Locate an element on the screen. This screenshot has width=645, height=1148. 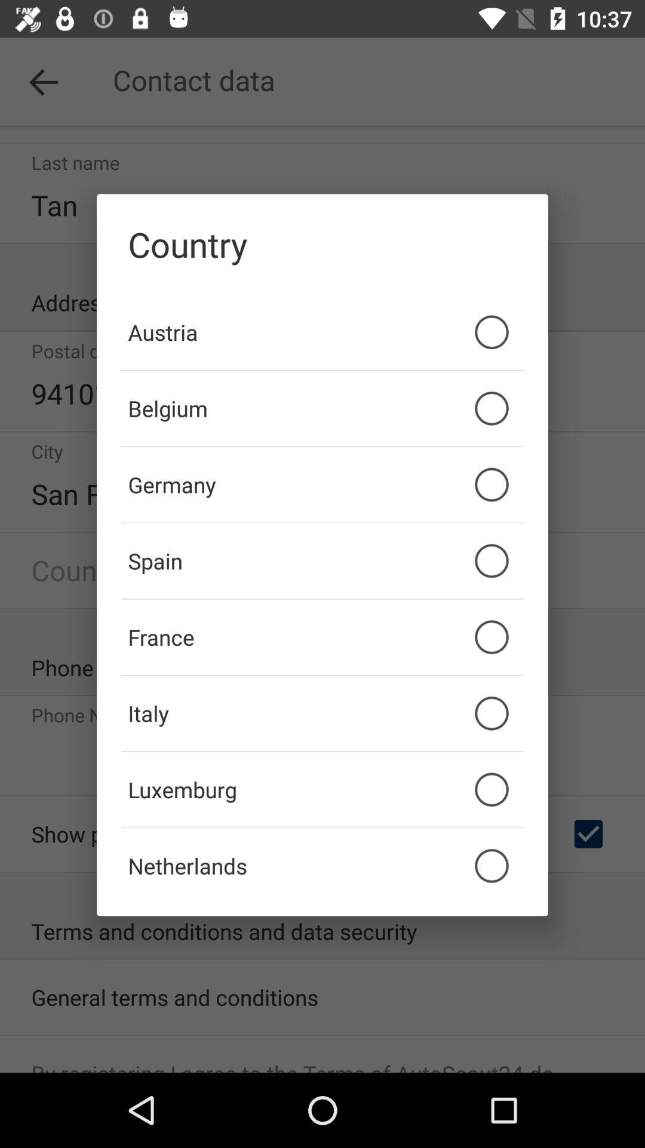
item below country item is located at coordinates (322, 332).